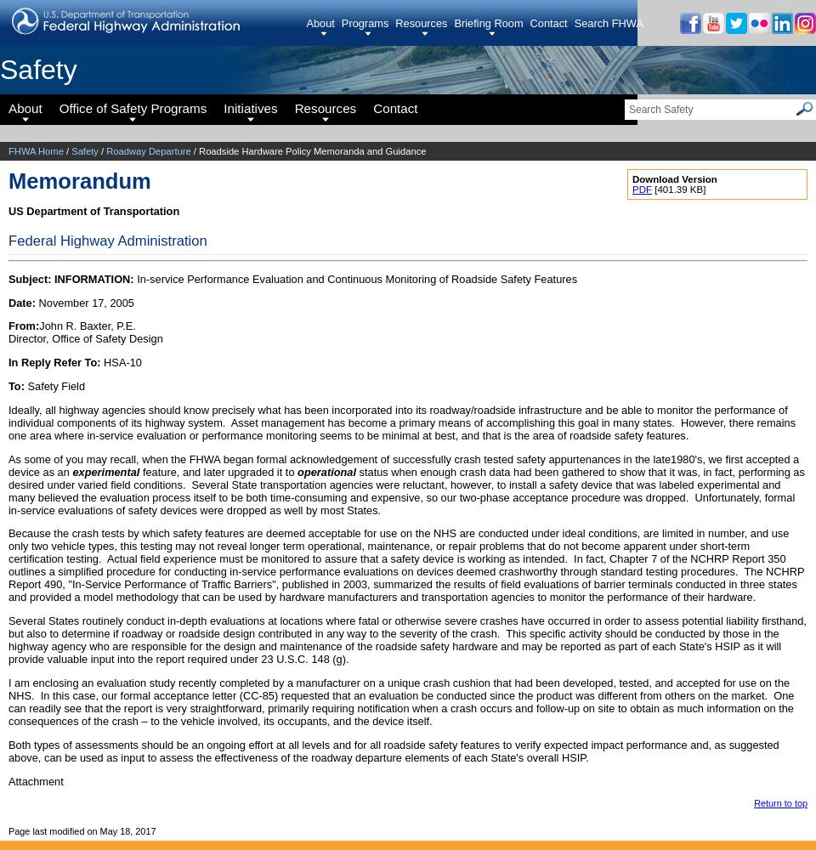 Image resolution: width=816 pixels, height=850 pixels. Describe the element at coordinates (7, 108) in the screenshot. I see `'About'` at that location.